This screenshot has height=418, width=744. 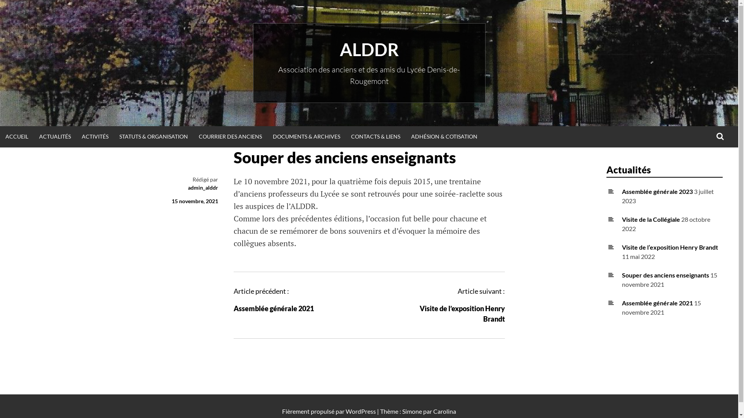 I want to click on 'DOCUMENTS & ARCHIVES', so click(x=306, y=136).